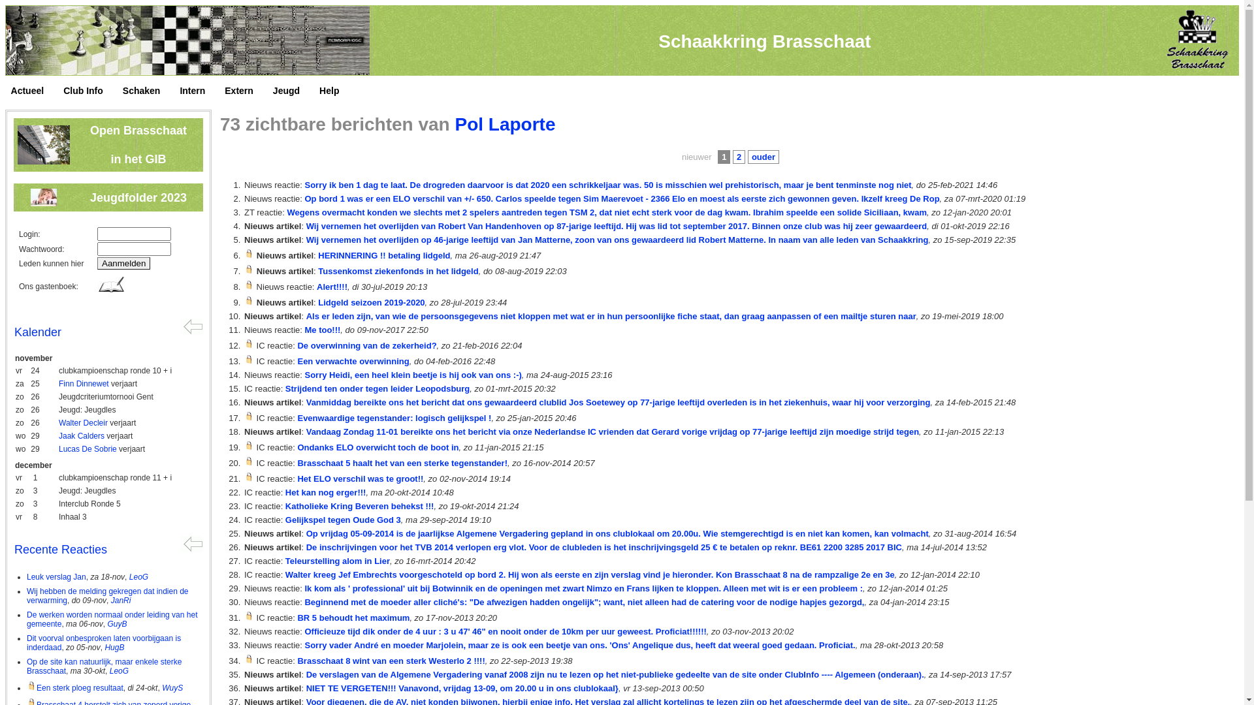  I want to click on 'deel van Escher's Metamorfose II', so click(6, 39).